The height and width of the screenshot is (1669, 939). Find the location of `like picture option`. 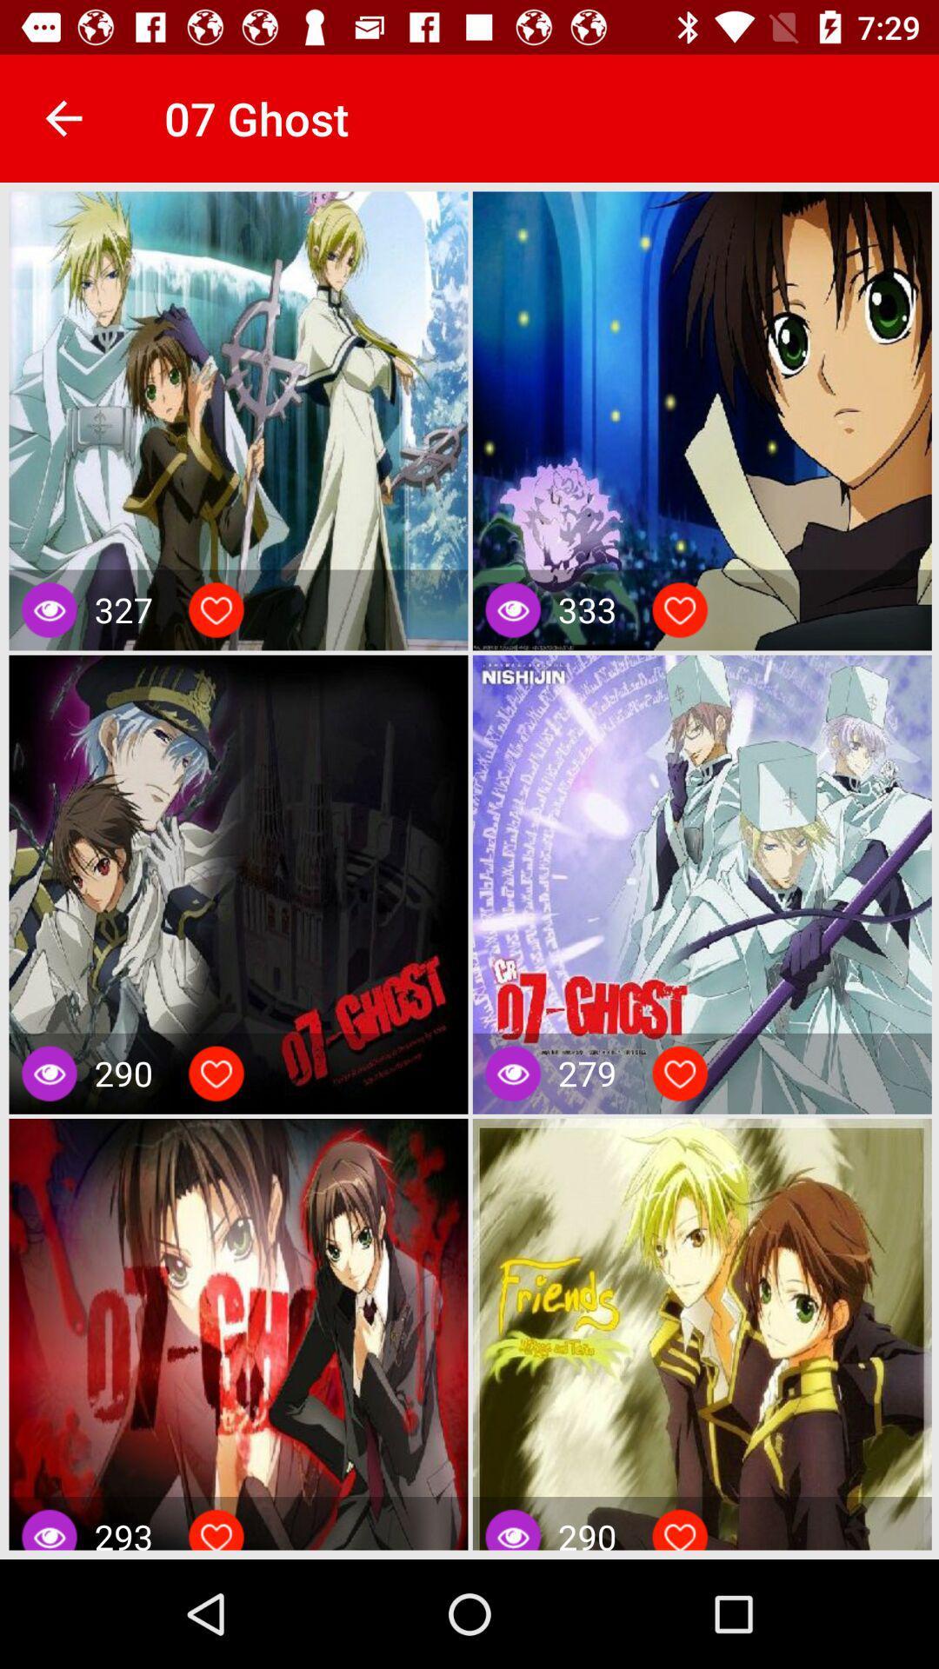

like picture option is located at coordinates (679, 609).